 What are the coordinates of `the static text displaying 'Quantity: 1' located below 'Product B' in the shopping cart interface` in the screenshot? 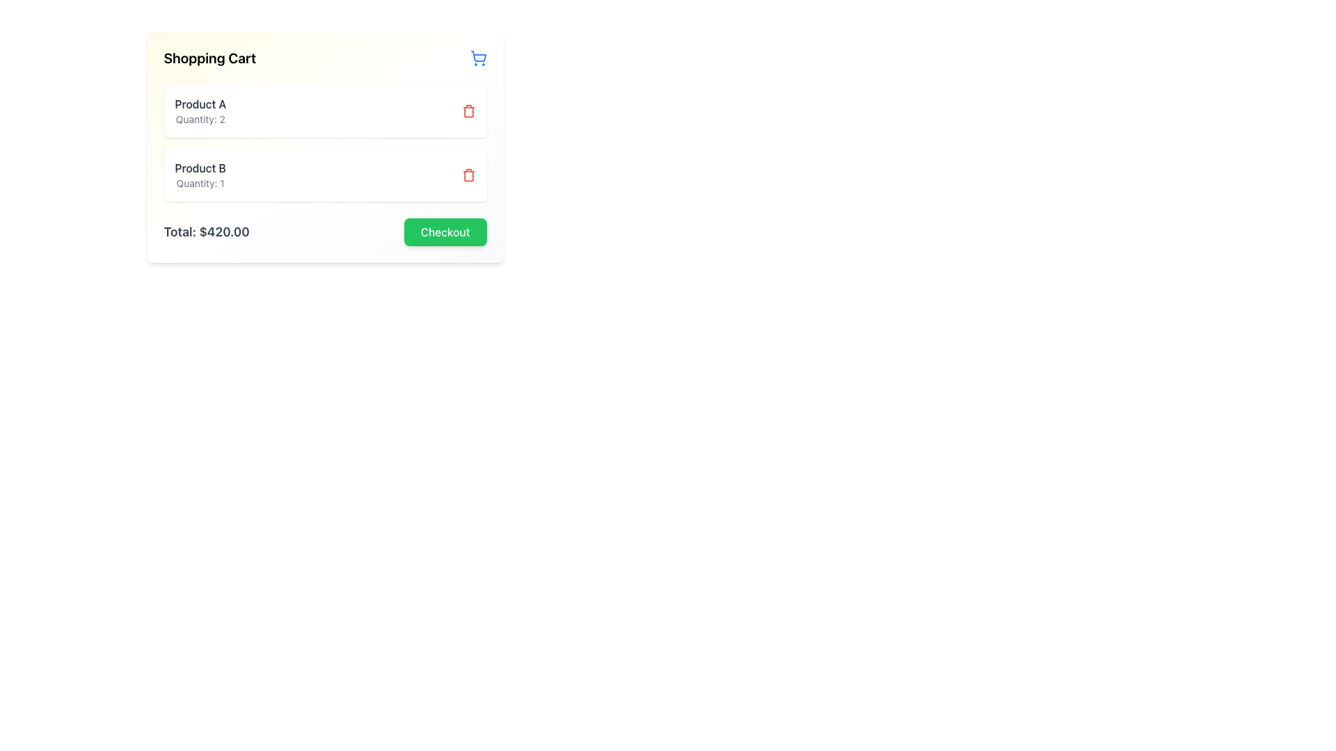 It's located at (200, 182).